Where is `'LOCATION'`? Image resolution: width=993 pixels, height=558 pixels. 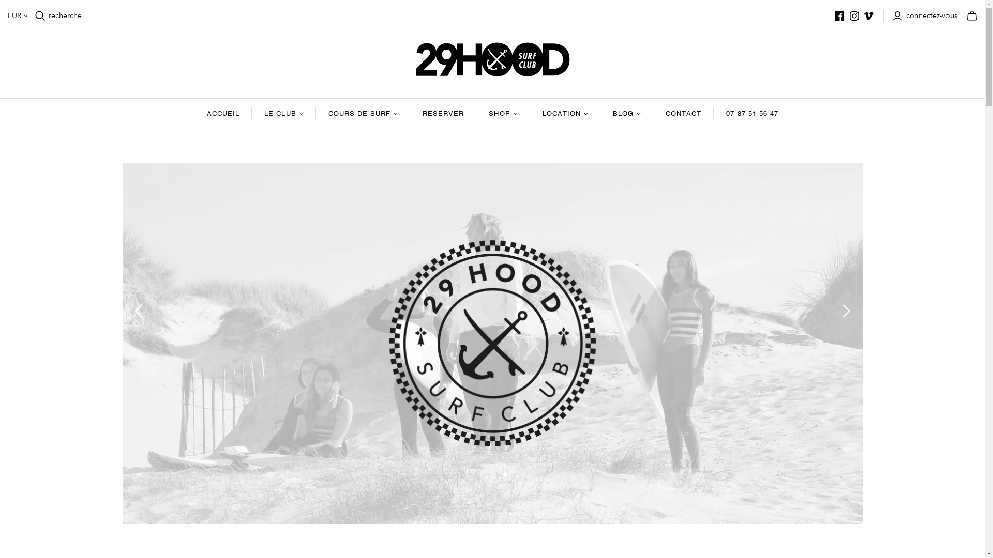
'LOCATION' is located at coordinates (530, 113).